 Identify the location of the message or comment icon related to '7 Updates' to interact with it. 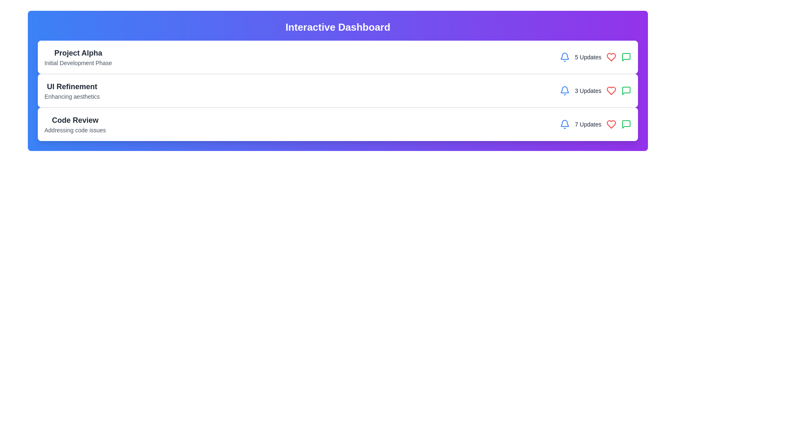
(626, 124).